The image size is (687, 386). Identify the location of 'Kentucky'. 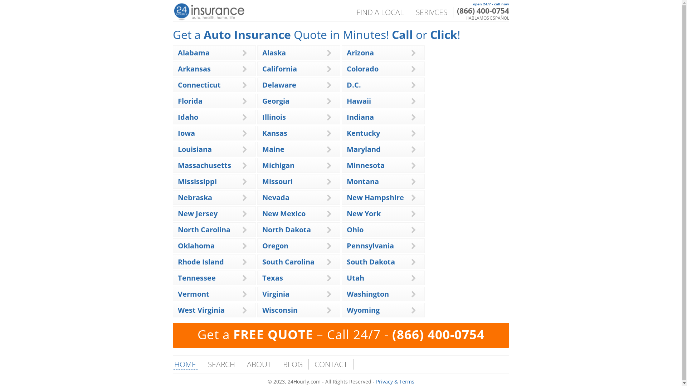
(363, 133).